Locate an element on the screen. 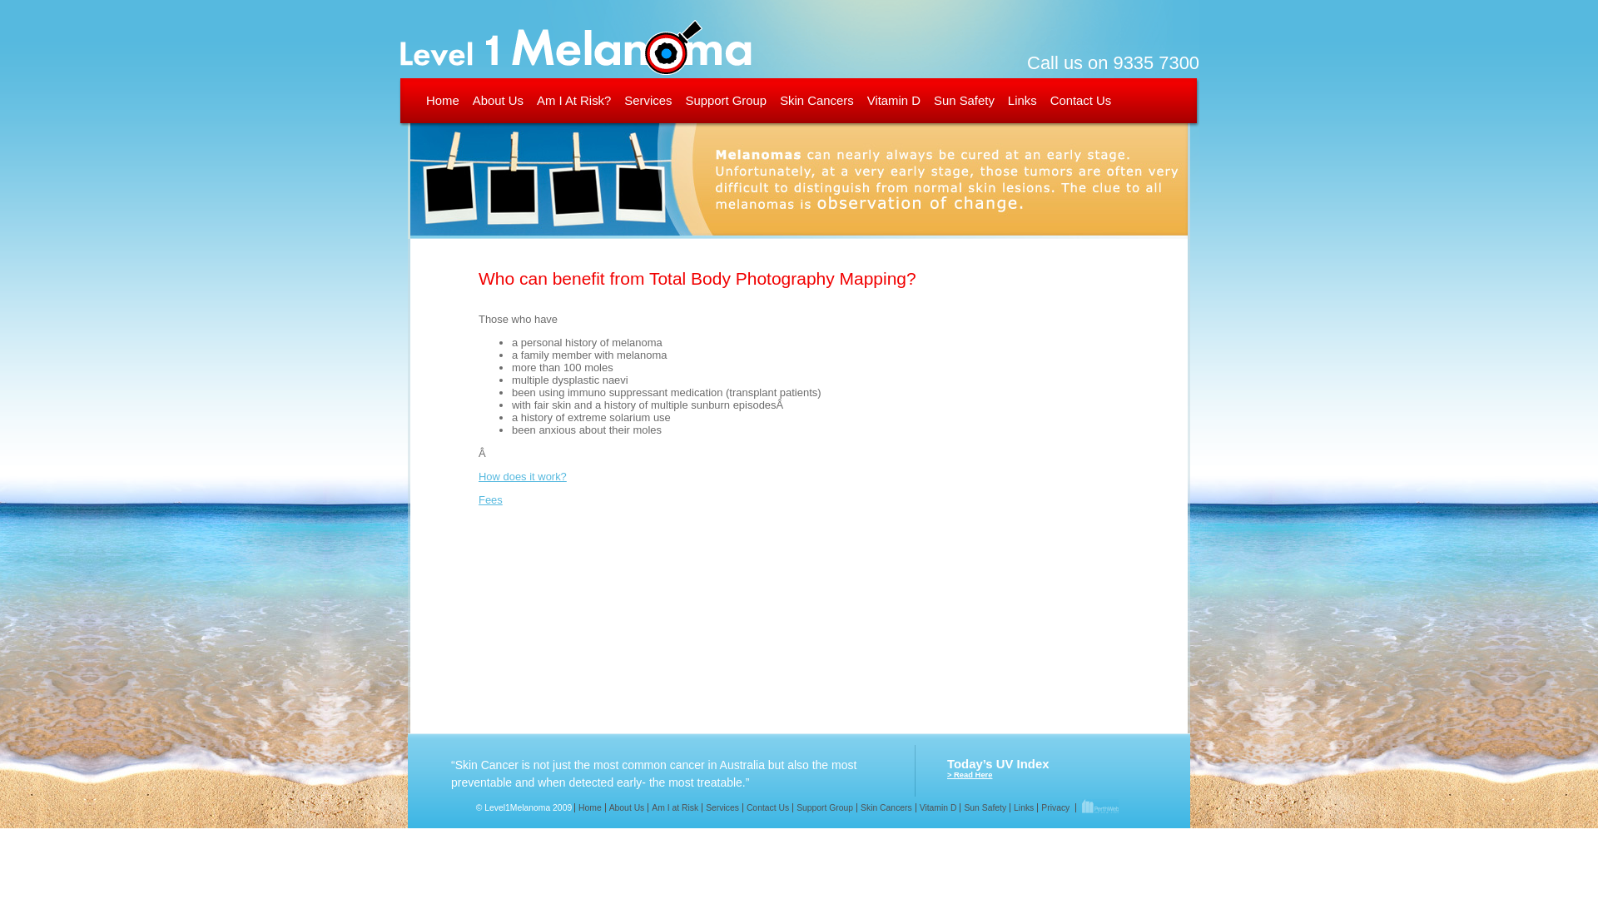 This screenshot has height=899, width=1598. 'PerthWeb | Web Design and Development Company' is located at coordinates (1099, 807).